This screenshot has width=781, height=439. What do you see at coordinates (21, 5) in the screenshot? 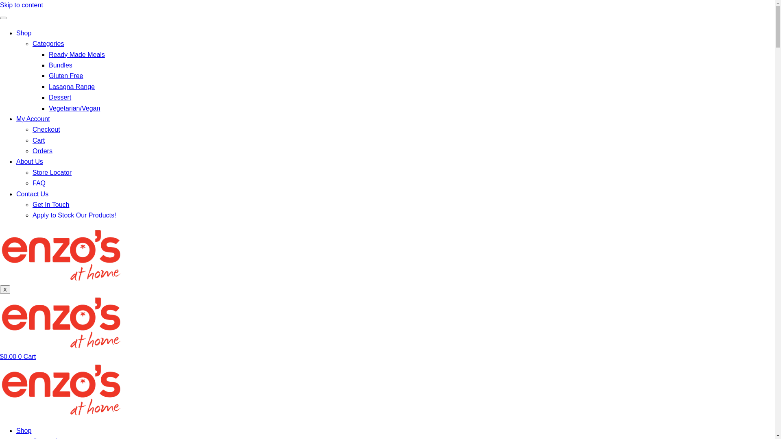
I see `'Skip to content'` at bounding box center [21, 5].